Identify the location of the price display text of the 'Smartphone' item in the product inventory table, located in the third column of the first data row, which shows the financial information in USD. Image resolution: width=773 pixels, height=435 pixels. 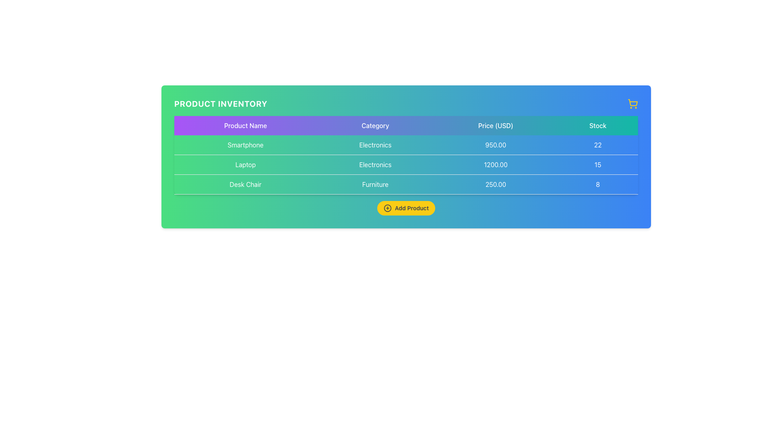
(495, 145).